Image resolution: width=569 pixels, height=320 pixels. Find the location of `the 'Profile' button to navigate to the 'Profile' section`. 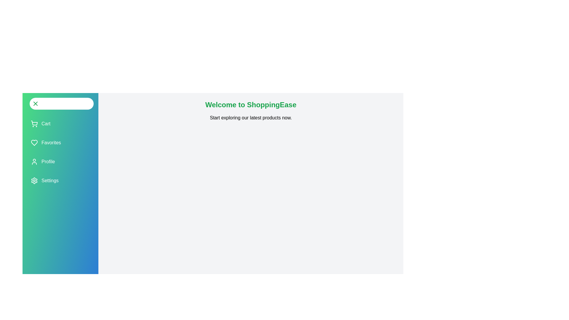

the 'Profile' button to navigate to the 'Profile' section is located at coordinates (42, 162).